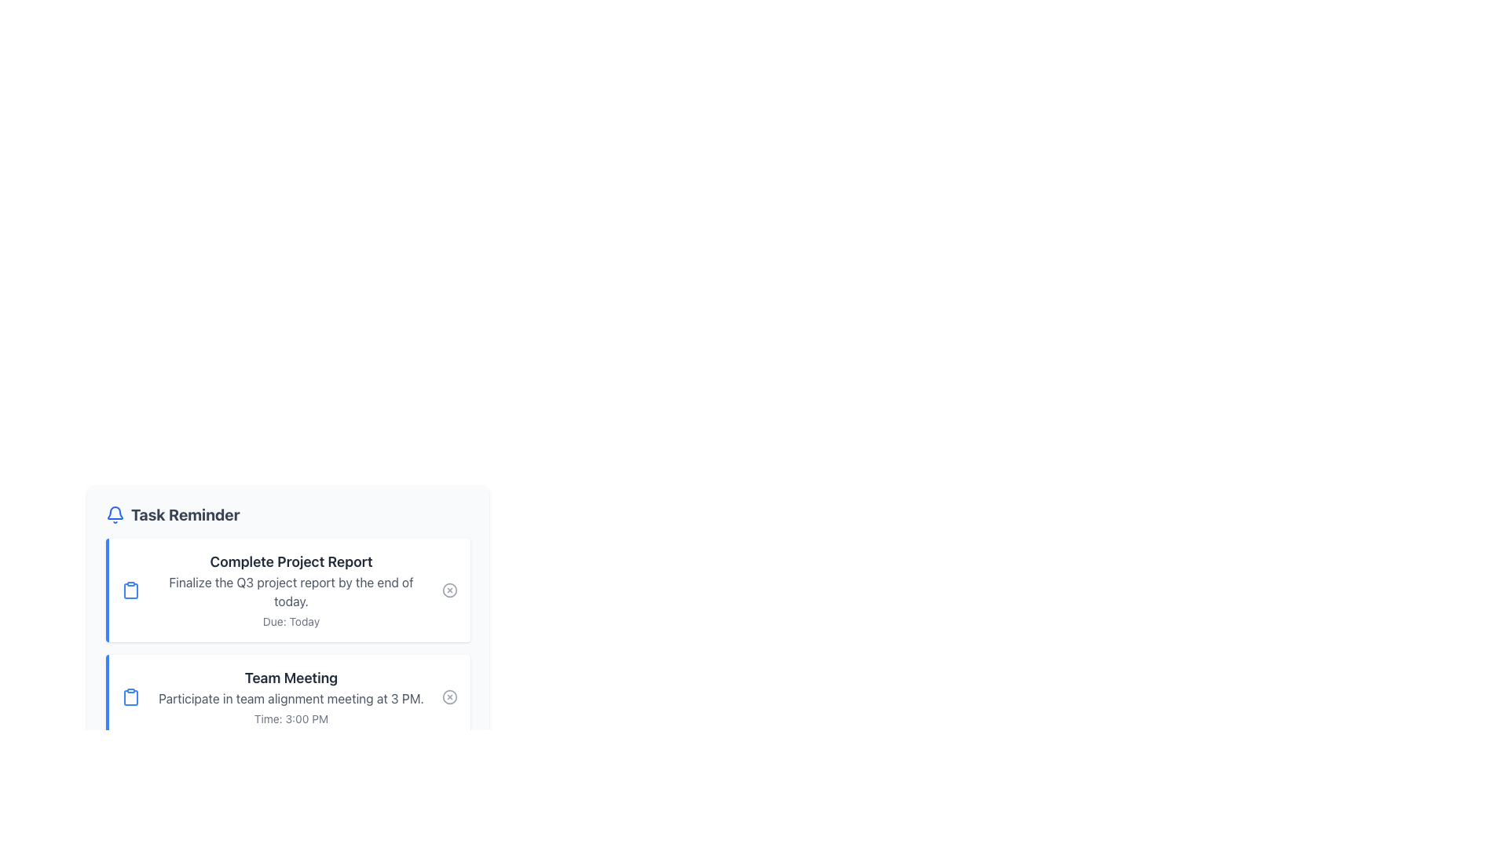 The height and width of the screenshot is (848, 1508). I want to click on the Display Text Block that shows 'Team Meeting' with the description 'Participate in team alignment meeting at 3 PM.', so click(291, 696).